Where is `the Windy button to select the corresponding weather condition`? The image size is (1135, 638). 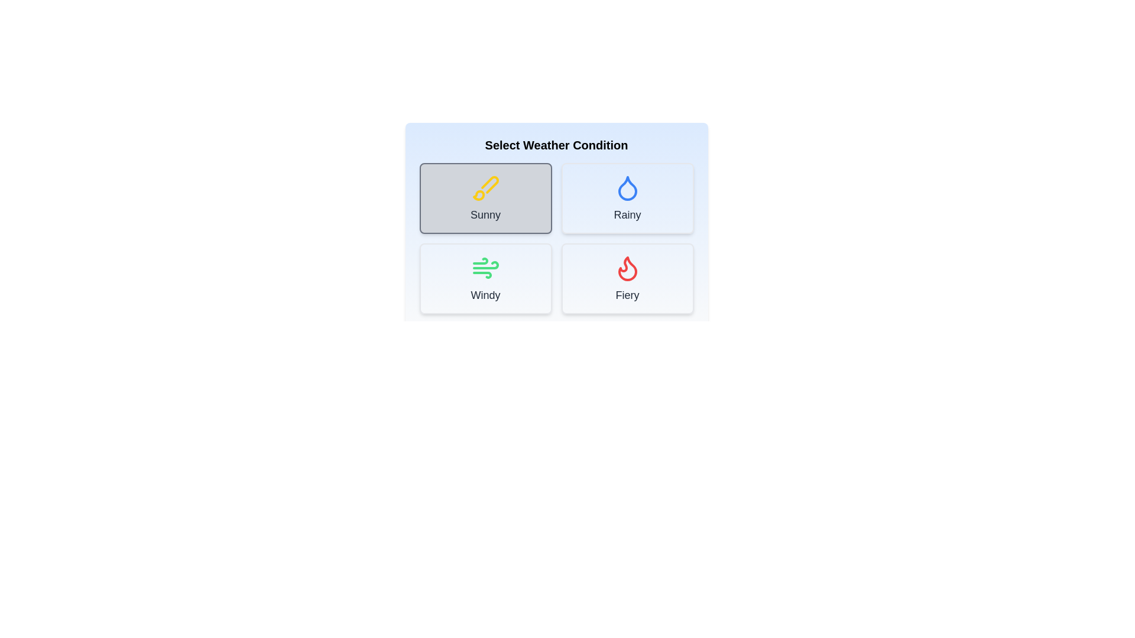
the Windy button to select the corresponding weather condition is located at coordinates (485, 278).